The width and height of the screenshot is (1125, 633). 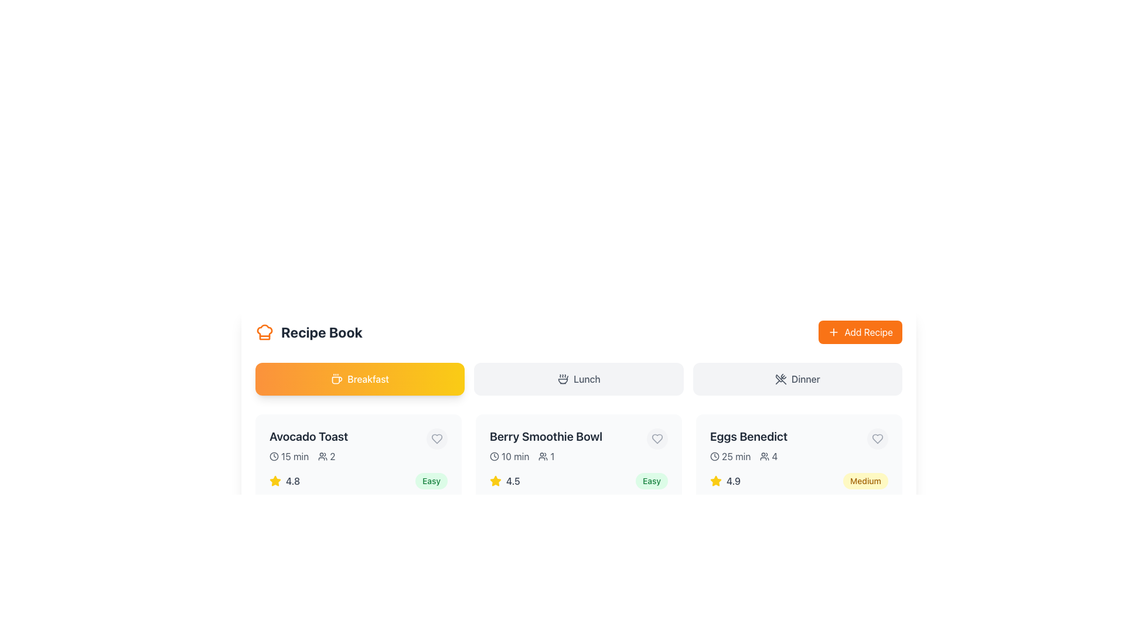 What do you see at coordinates (833, 332) in the screenshot?
I see `the icon within the 'Add Recipe' button, which visually indicates the action of adding a new recipe, located at the upper-right corner of the interface` at bounding box center [833, 332].